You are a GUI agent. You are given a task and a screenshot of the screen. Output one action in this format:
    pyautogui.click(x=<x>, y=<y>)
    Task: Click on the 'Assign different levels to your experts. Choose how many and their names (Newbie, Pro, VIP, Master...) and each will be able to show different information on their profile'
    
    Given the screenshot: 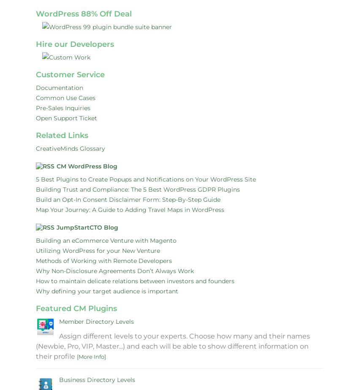 What is the action you would take?
    pyautogui.click(x=173, y=346)
    